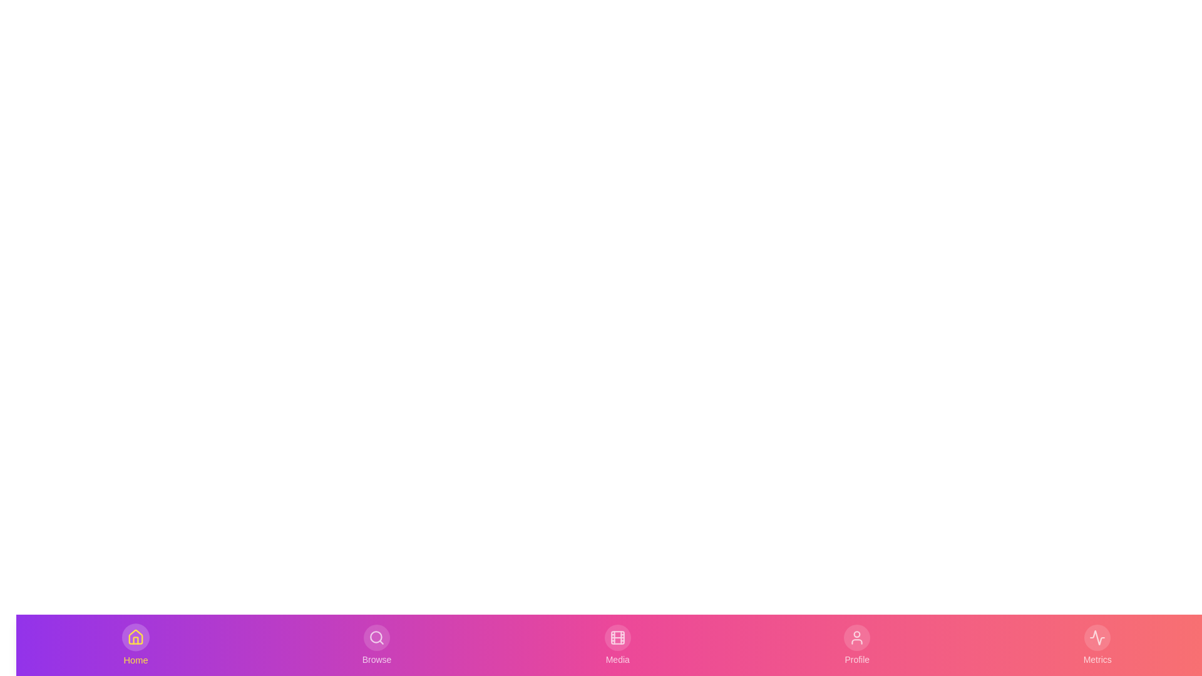 The width and height of the screenshot is (1202, 676). I want to click on the Browse tab to view its interaction effects, so click(376, 645).